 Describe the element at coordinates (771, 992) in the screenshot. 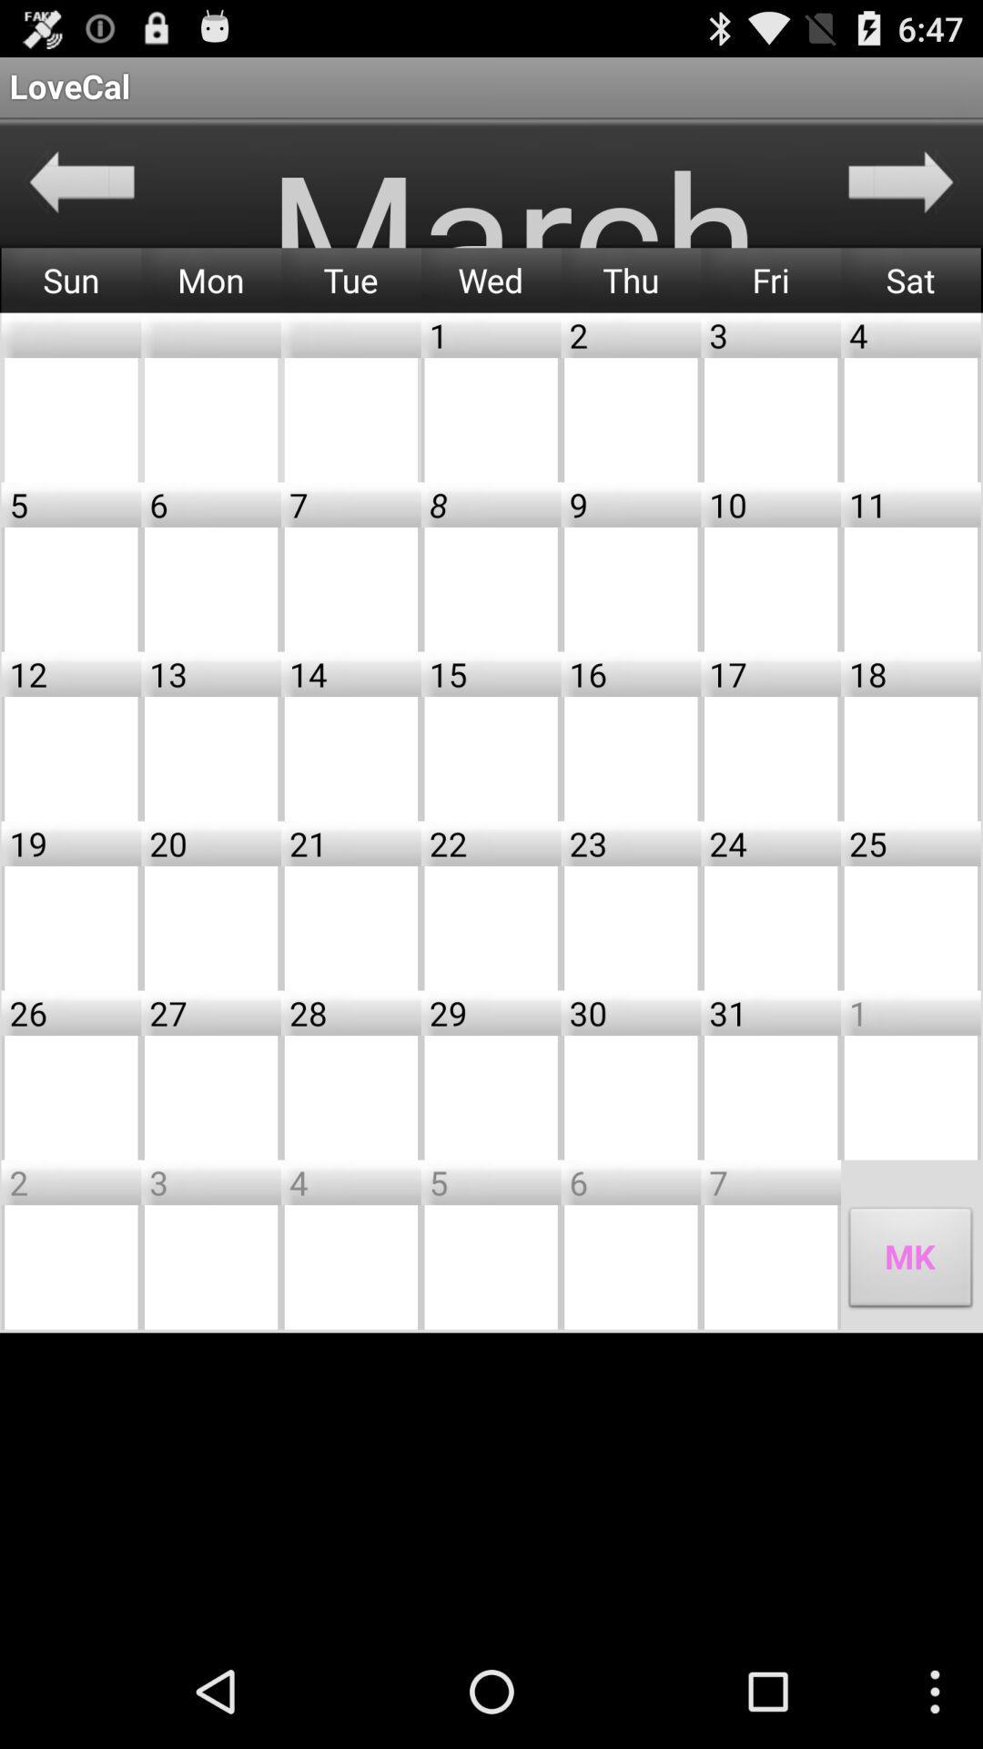

I see `the minus icon` at that location.